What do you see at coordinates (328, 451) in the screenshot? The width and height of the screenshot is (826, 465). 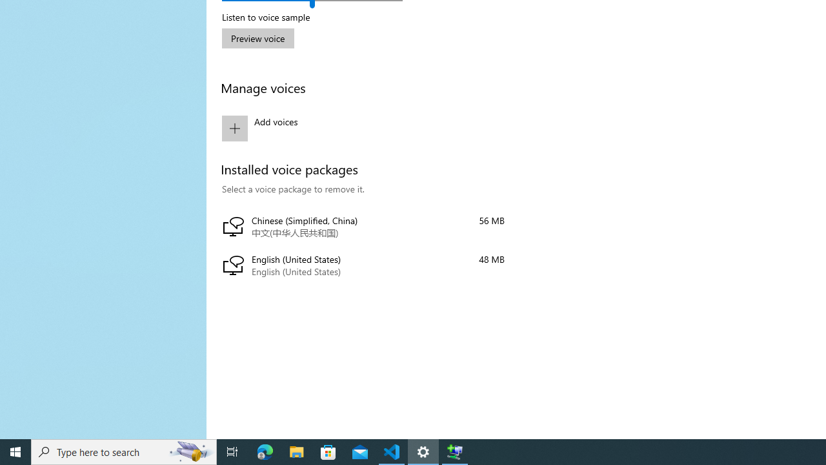 I see `'Microsoft Store'` at bounding box center [328, 451].